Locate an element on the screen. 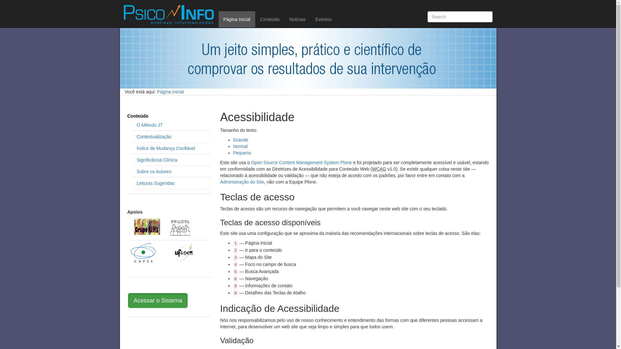 Image resolution: width=621 pixels, height=349 pixels. 'Capes' is located at coordinates (143, 252).